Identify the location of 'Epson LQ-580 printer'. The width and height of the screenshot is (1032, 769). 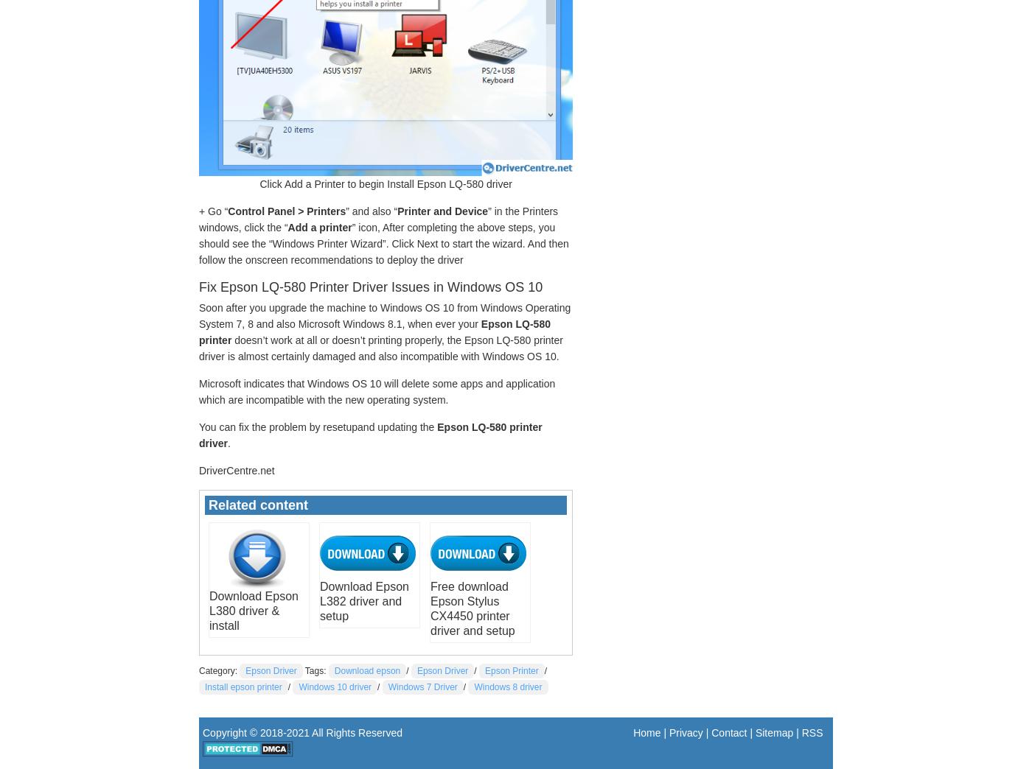
(374, 330).